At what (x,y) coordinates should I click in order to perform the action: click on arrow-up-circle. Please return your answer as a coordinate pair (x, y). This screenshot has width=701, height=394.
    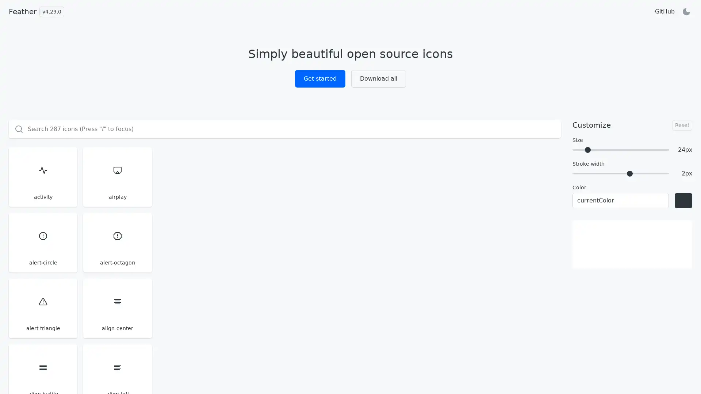
    Looking at the image, I should click on (160, 308).